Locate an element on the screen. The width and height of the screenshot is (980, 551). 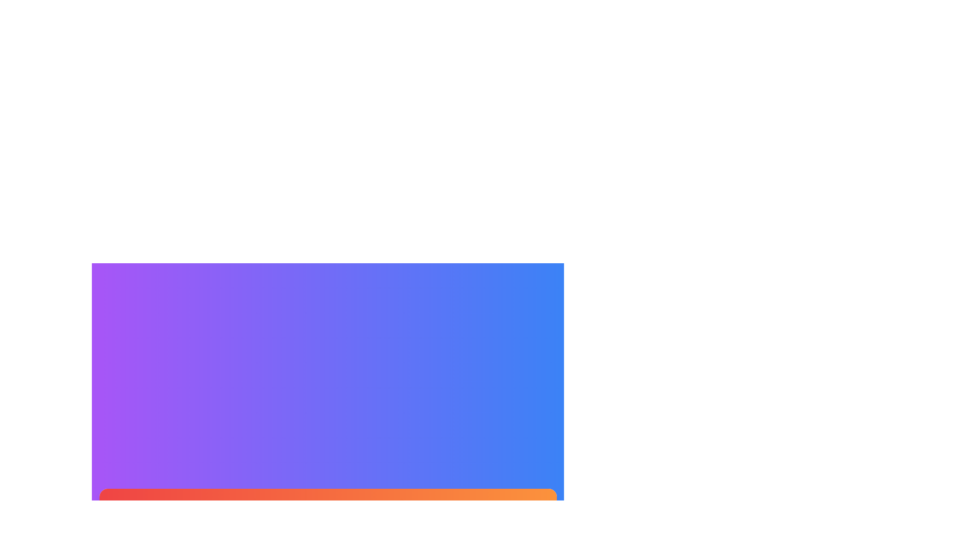
the Home tab is located at coordinates (181, 509).